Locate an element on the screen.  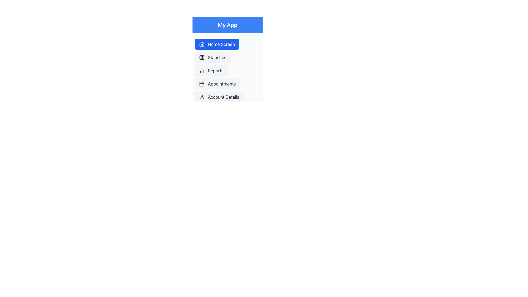
the 'Reports' text label in the vertical navigation menu is located at coordinates (215, 70).